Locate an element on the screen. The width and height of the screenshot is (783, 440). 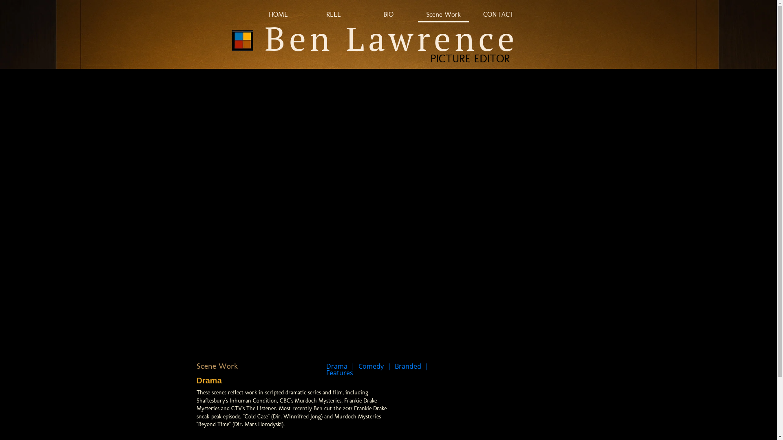
'Features' is located at coordinates (326, 372).